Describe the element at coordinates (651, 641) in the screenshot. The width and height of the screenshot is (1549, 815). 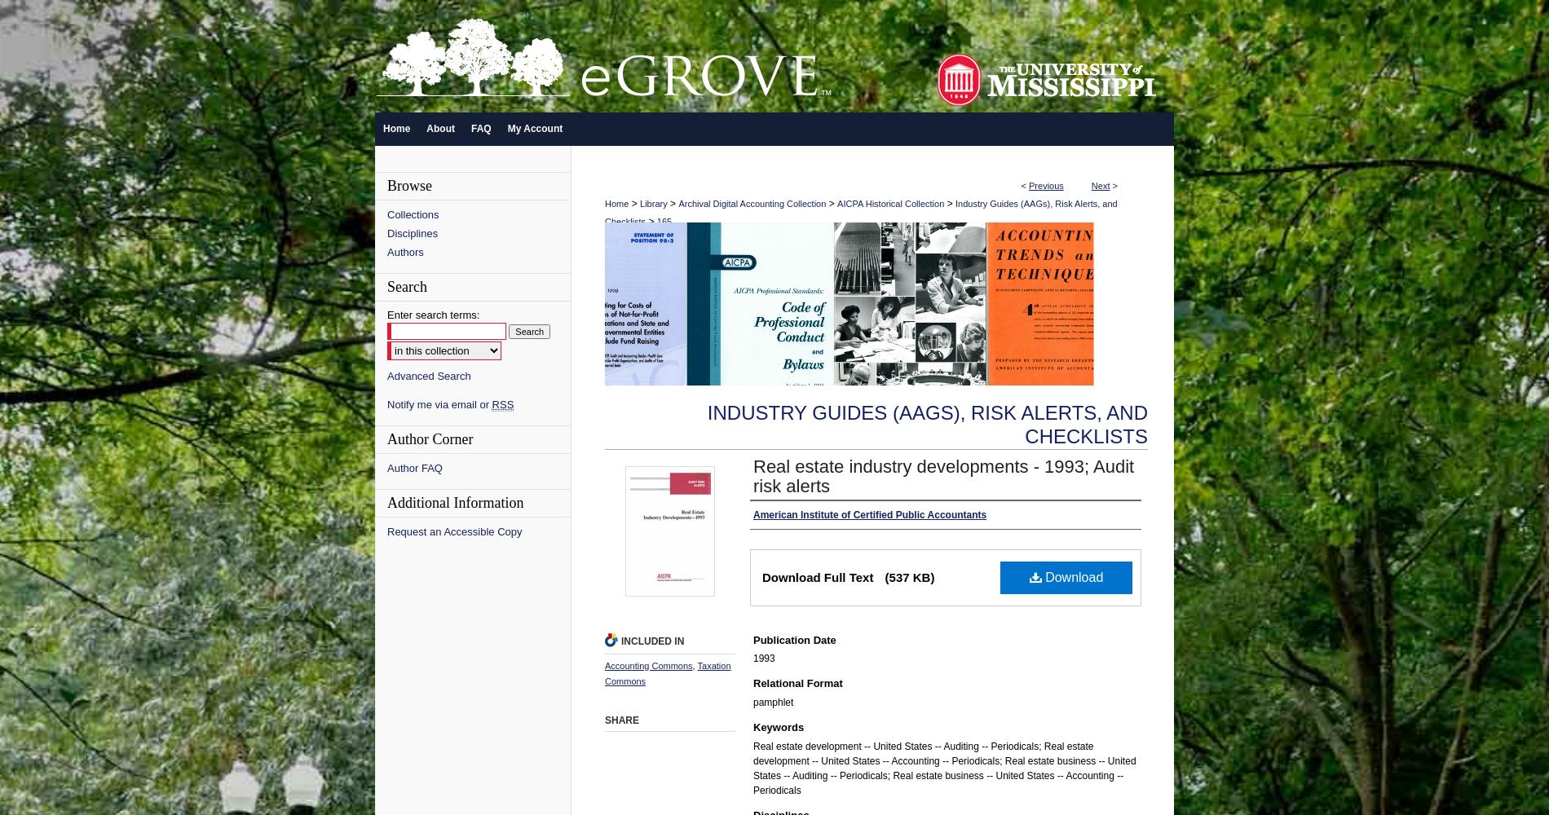
I see `'Included in'` at that location.